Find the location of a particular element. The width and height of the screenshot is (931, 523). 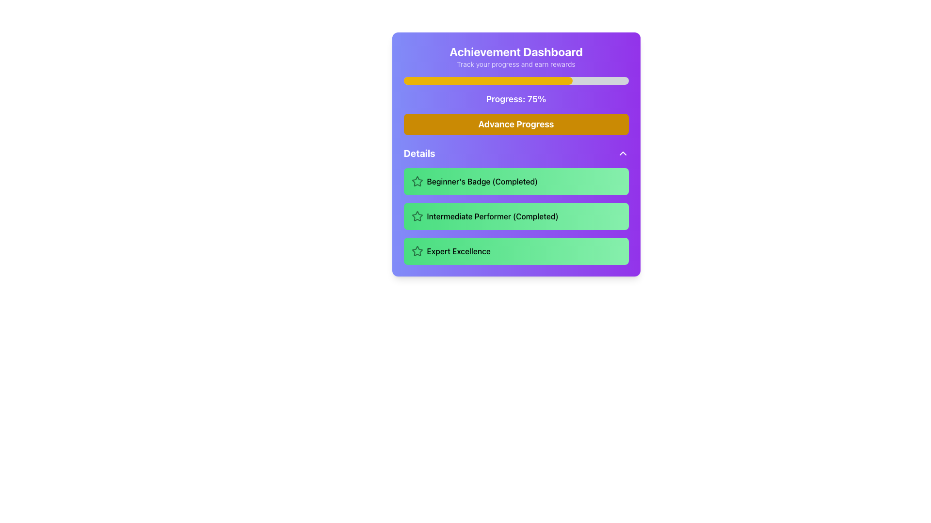

the 'Intermediate Performer' badge element, which is the second item in a vertically stacked list of badges within a purple card layout labeled 'Details' is located at coordinates (515, 216).